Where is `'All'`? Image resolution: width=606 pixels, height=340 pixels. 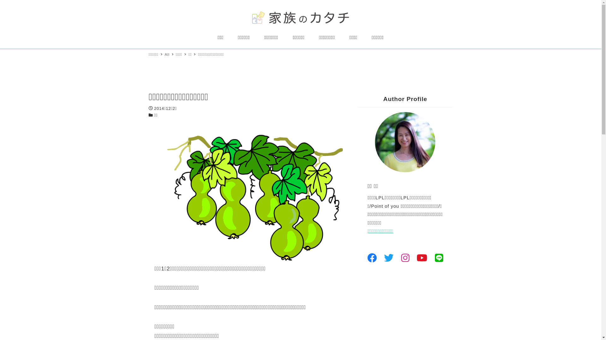
'All' is located at coordinates (165, 54).